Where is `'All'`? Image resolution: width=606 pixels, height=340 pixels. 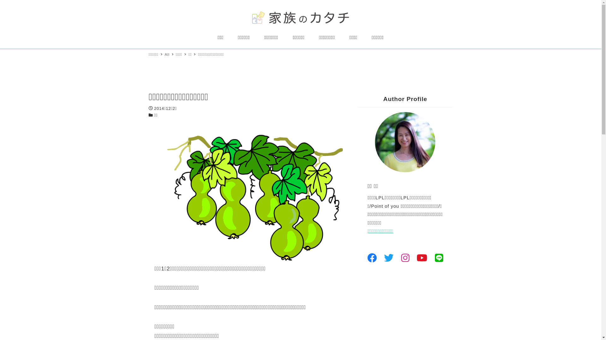
'All' is located at coordinates (165, 54).